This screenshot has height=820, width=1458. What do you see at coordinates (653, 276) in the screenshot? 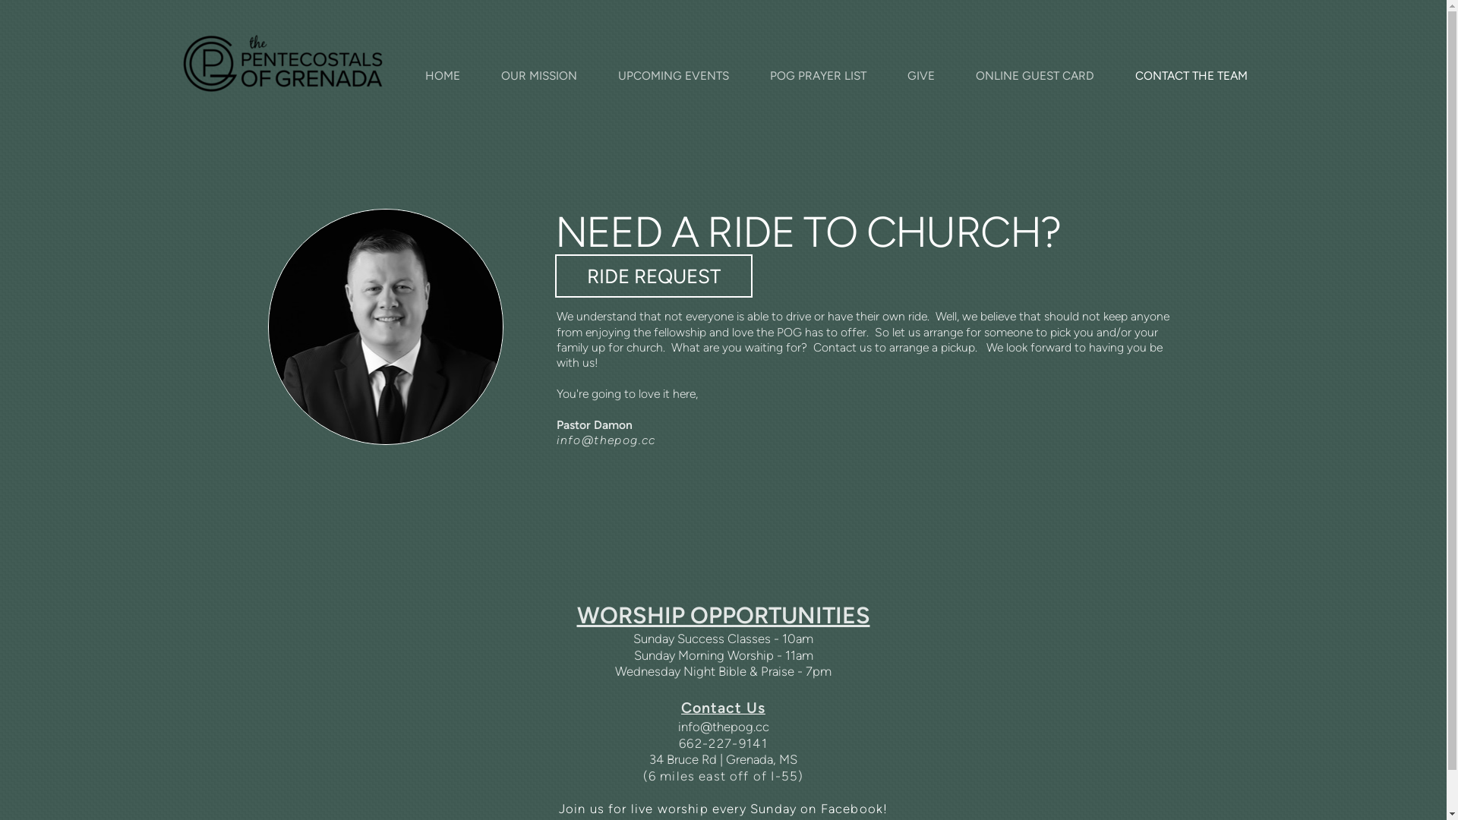
I see `'RIDE REQUEST'` at bounding box center [653, 276].